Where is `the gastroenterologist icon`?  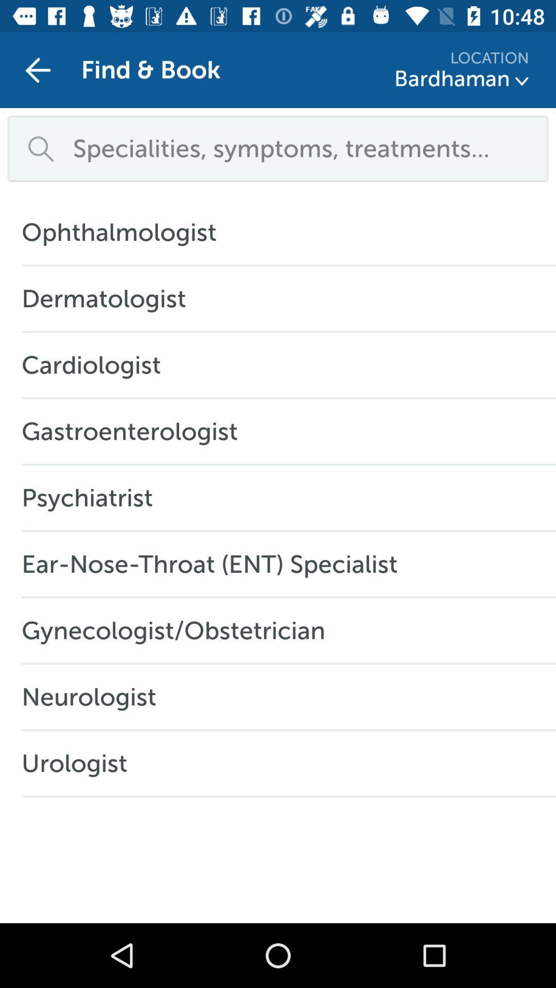 the gastroenterologist icon is located at coordinates (134, 431).